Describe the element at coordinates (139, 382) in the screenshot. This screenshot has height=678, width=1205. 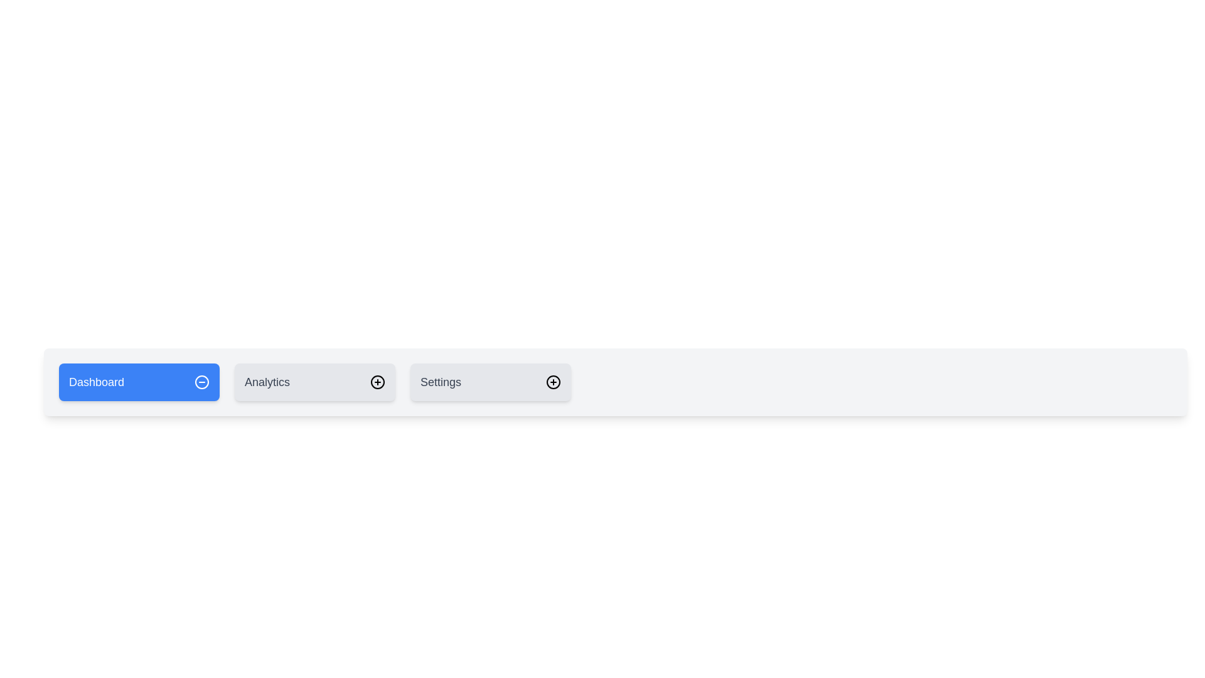
I see `the leftmost button labeled 'Dashboard' in the horizontal group of three buttons` at that location.